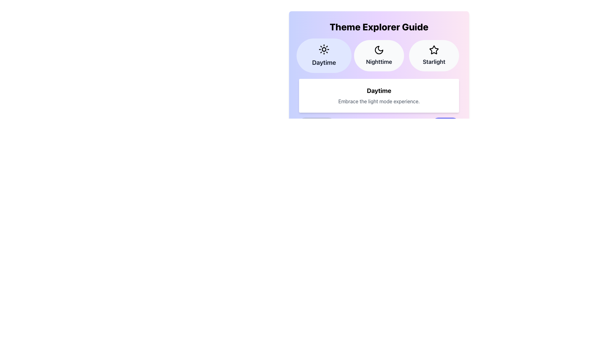 Image resolution: width=600 pixels, height=338 pixels. What do you see at coordinates (379, 26) in the screenshot?
I see `the centered heading 'Theme Explorer Guide', which is styled with extra-large, bold text and positioned at the top of the panel with a gradient background` at bounding box center [379, 26].